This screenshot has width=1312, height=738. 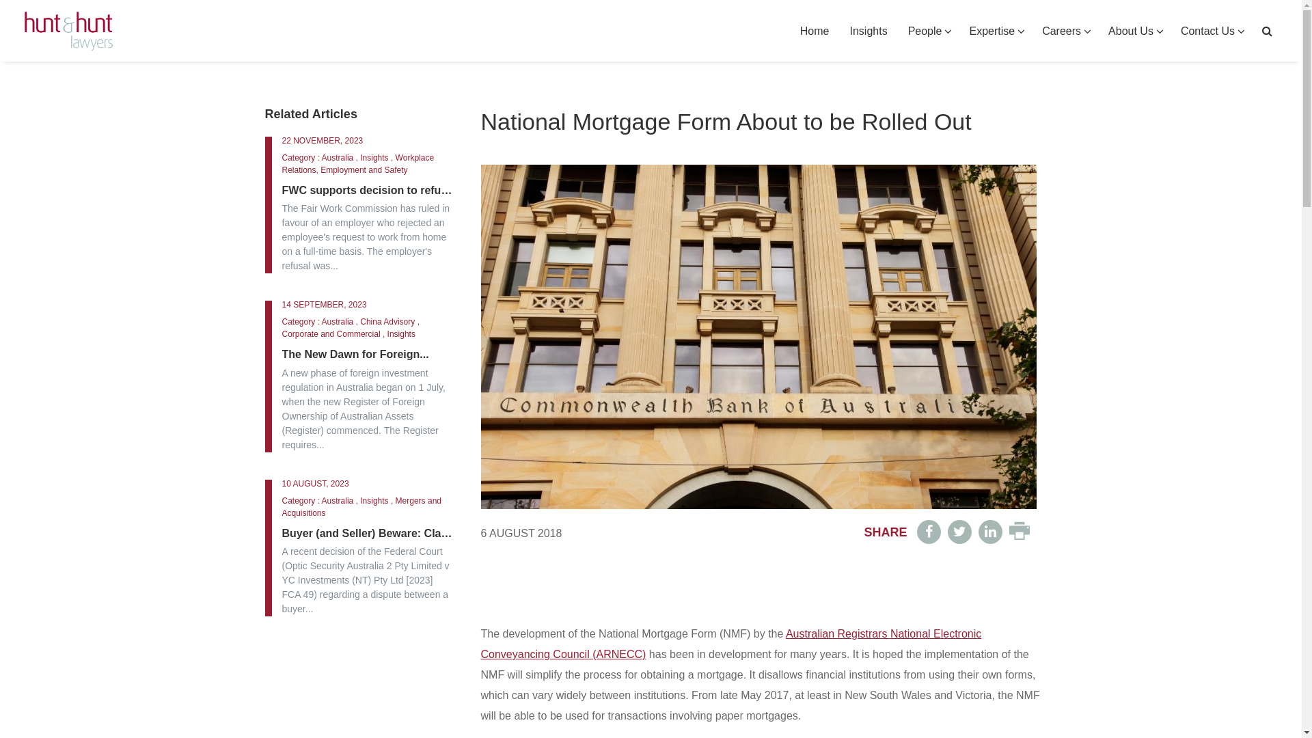 I want to click on 'Insights', so click(x=867, y=31).